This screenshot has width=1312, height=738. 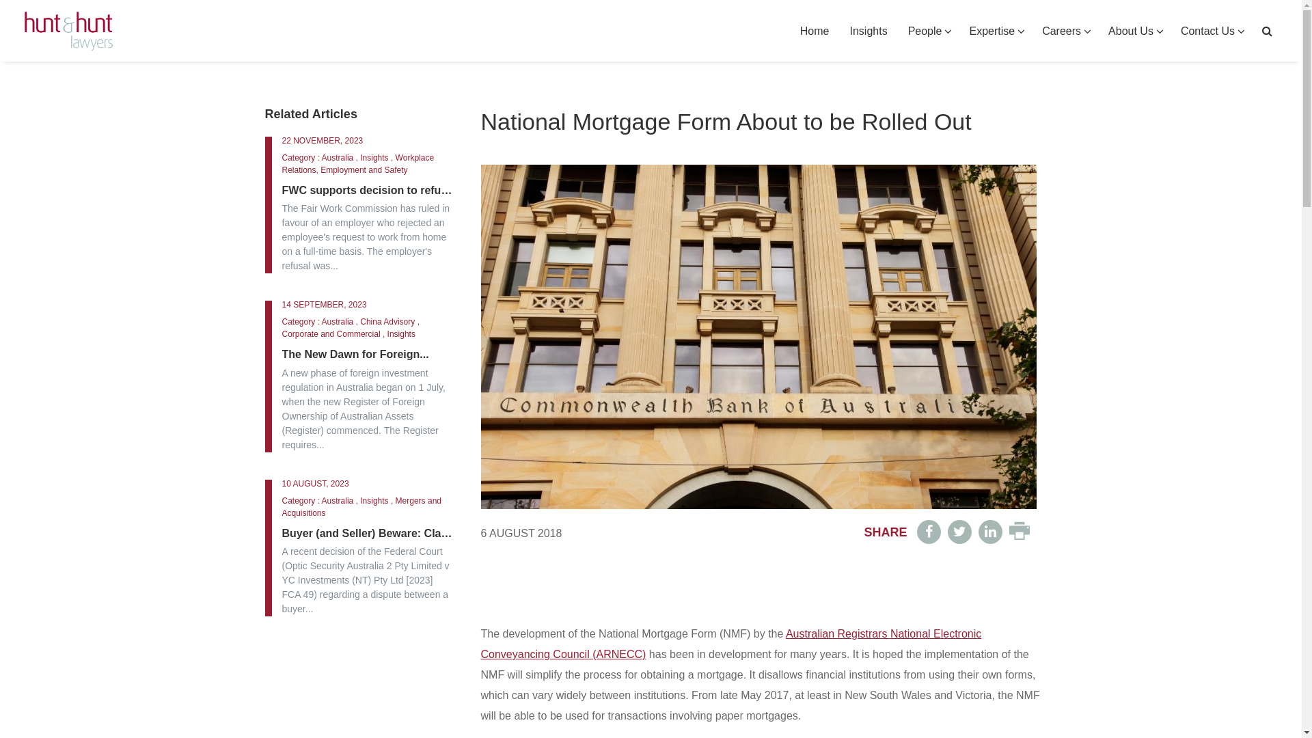 I want to click on 'Insights', so click(x=867, y=31).